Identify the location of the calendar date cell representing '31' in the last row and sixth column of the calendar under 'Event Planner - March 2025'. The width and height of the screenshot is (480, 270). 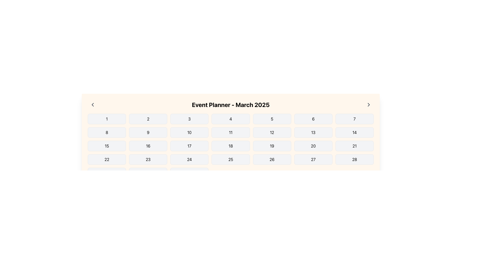
(189, 172).